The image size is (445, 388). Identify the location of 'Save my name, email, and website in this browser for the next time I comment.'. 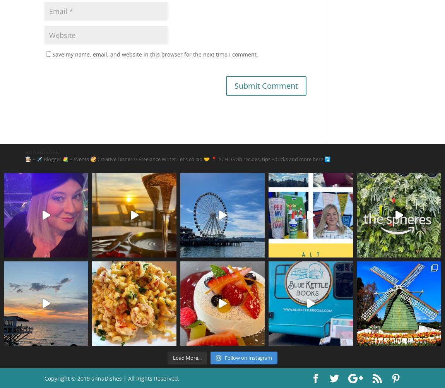
(52, 54).